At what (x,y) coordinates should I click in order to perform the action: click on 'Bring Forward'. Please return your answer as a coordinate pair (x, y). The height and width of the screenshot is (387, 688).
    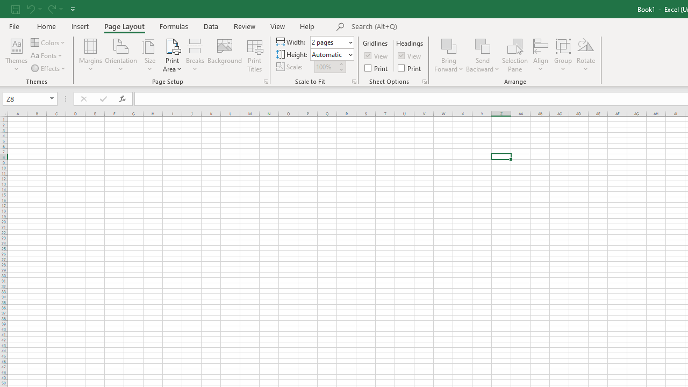
    Looking at the image, I should click on (449, 45).